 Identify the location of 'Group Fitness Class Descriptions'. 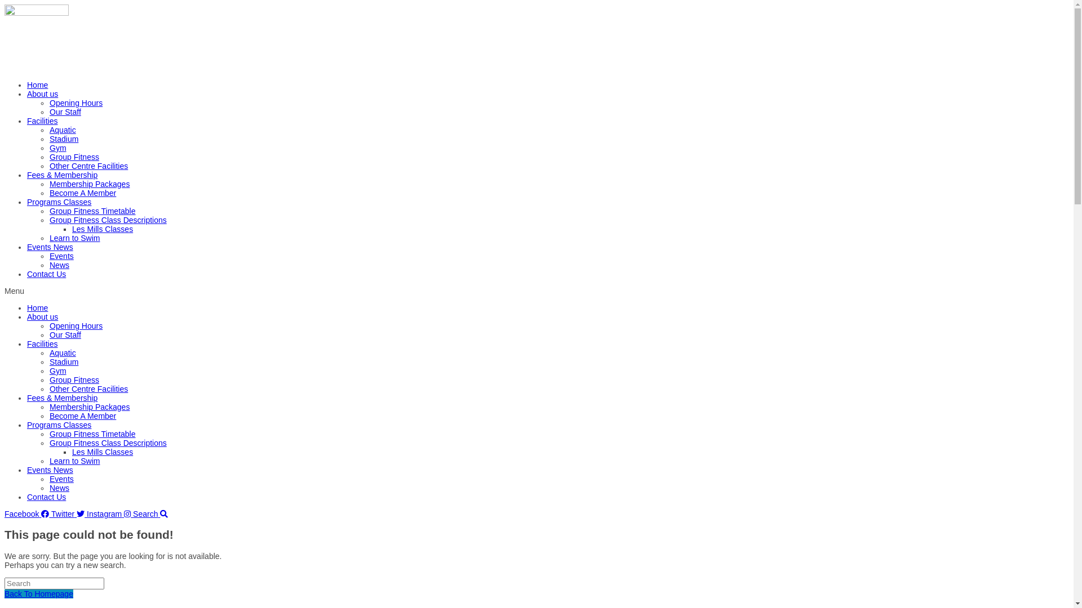
(108, 220).